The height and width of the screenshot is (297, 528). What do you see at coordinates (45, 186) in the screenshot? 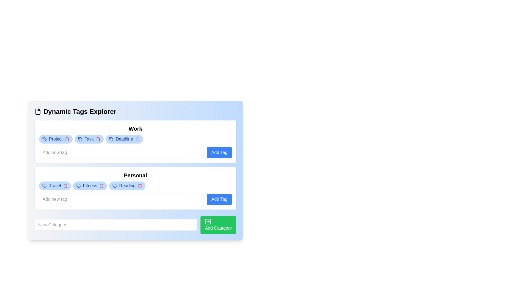
I see `the tag icon located in the 'Personal' category group, near the 'Travel' label, to identify the associated category` at bounding box center [45, 186].